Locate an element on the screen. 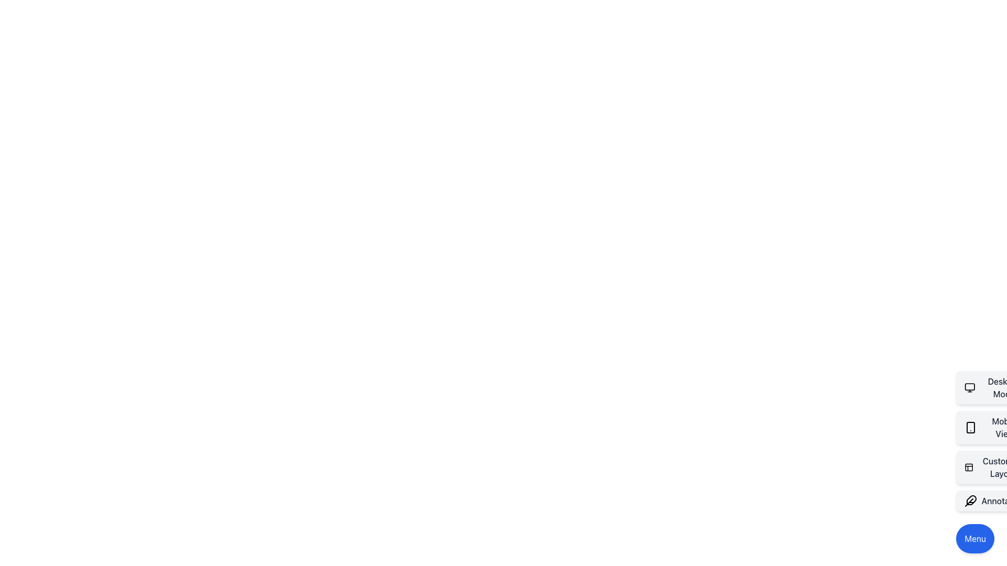 Image resolution: width=1007 pixels, height=566 pixels. the 'Desktop Mode' button, which features a minimalist computer monitor icon on its left side is located at coordinates (969, 388).